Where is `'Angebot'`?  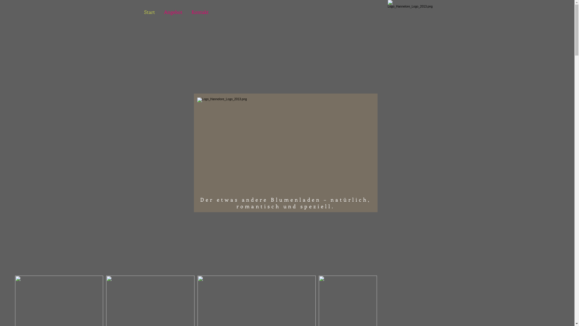 'Angebot' is located at coordinates (172, 12).